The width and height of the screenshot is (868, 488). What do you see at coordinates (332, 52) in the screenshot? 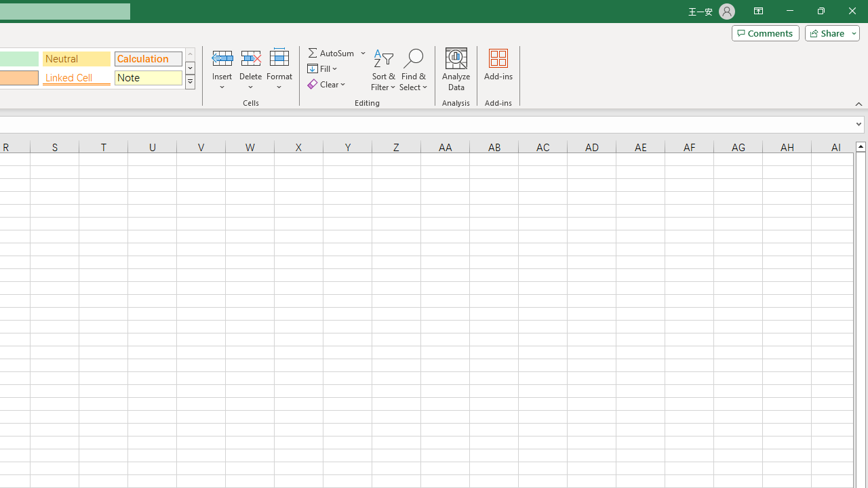
I see `'Sum'` at bounding box center [332, 52].